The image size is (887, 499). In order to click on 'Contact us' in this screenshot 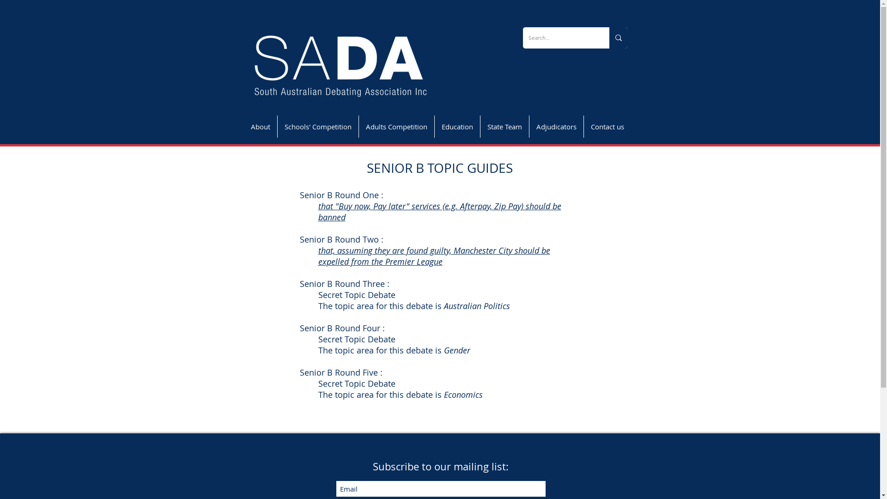, I will do `click(583, 126)`.